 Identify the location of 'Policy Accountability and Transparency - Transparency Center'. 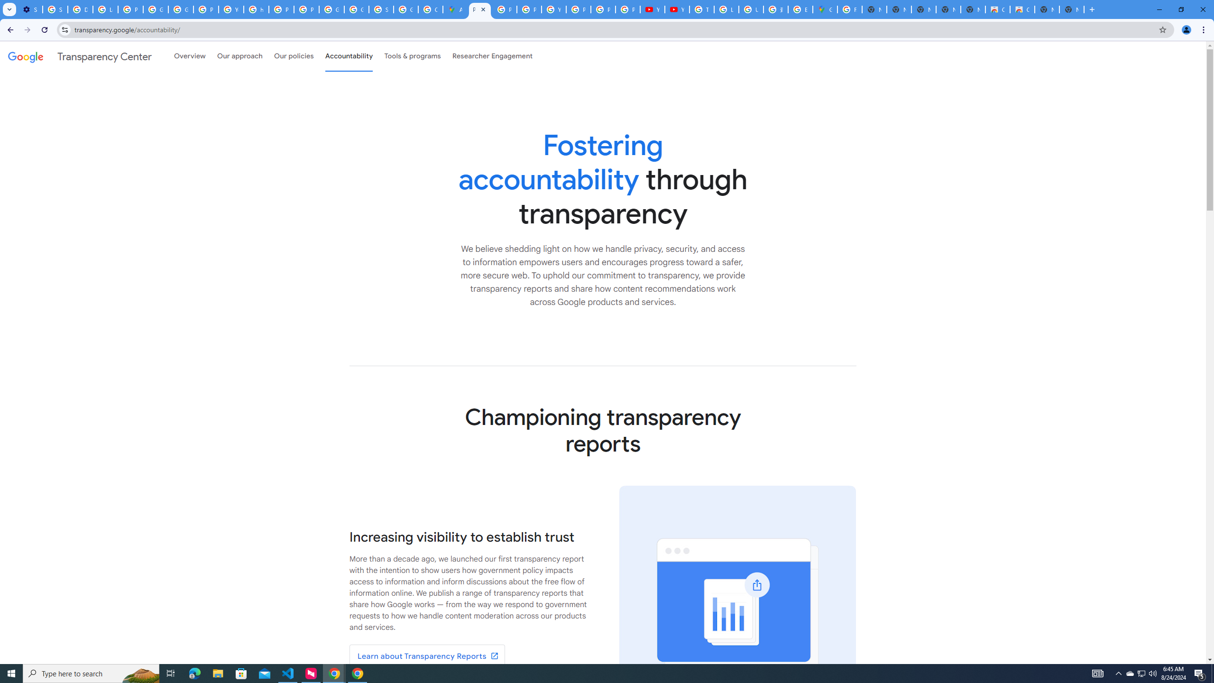
(479, 9).